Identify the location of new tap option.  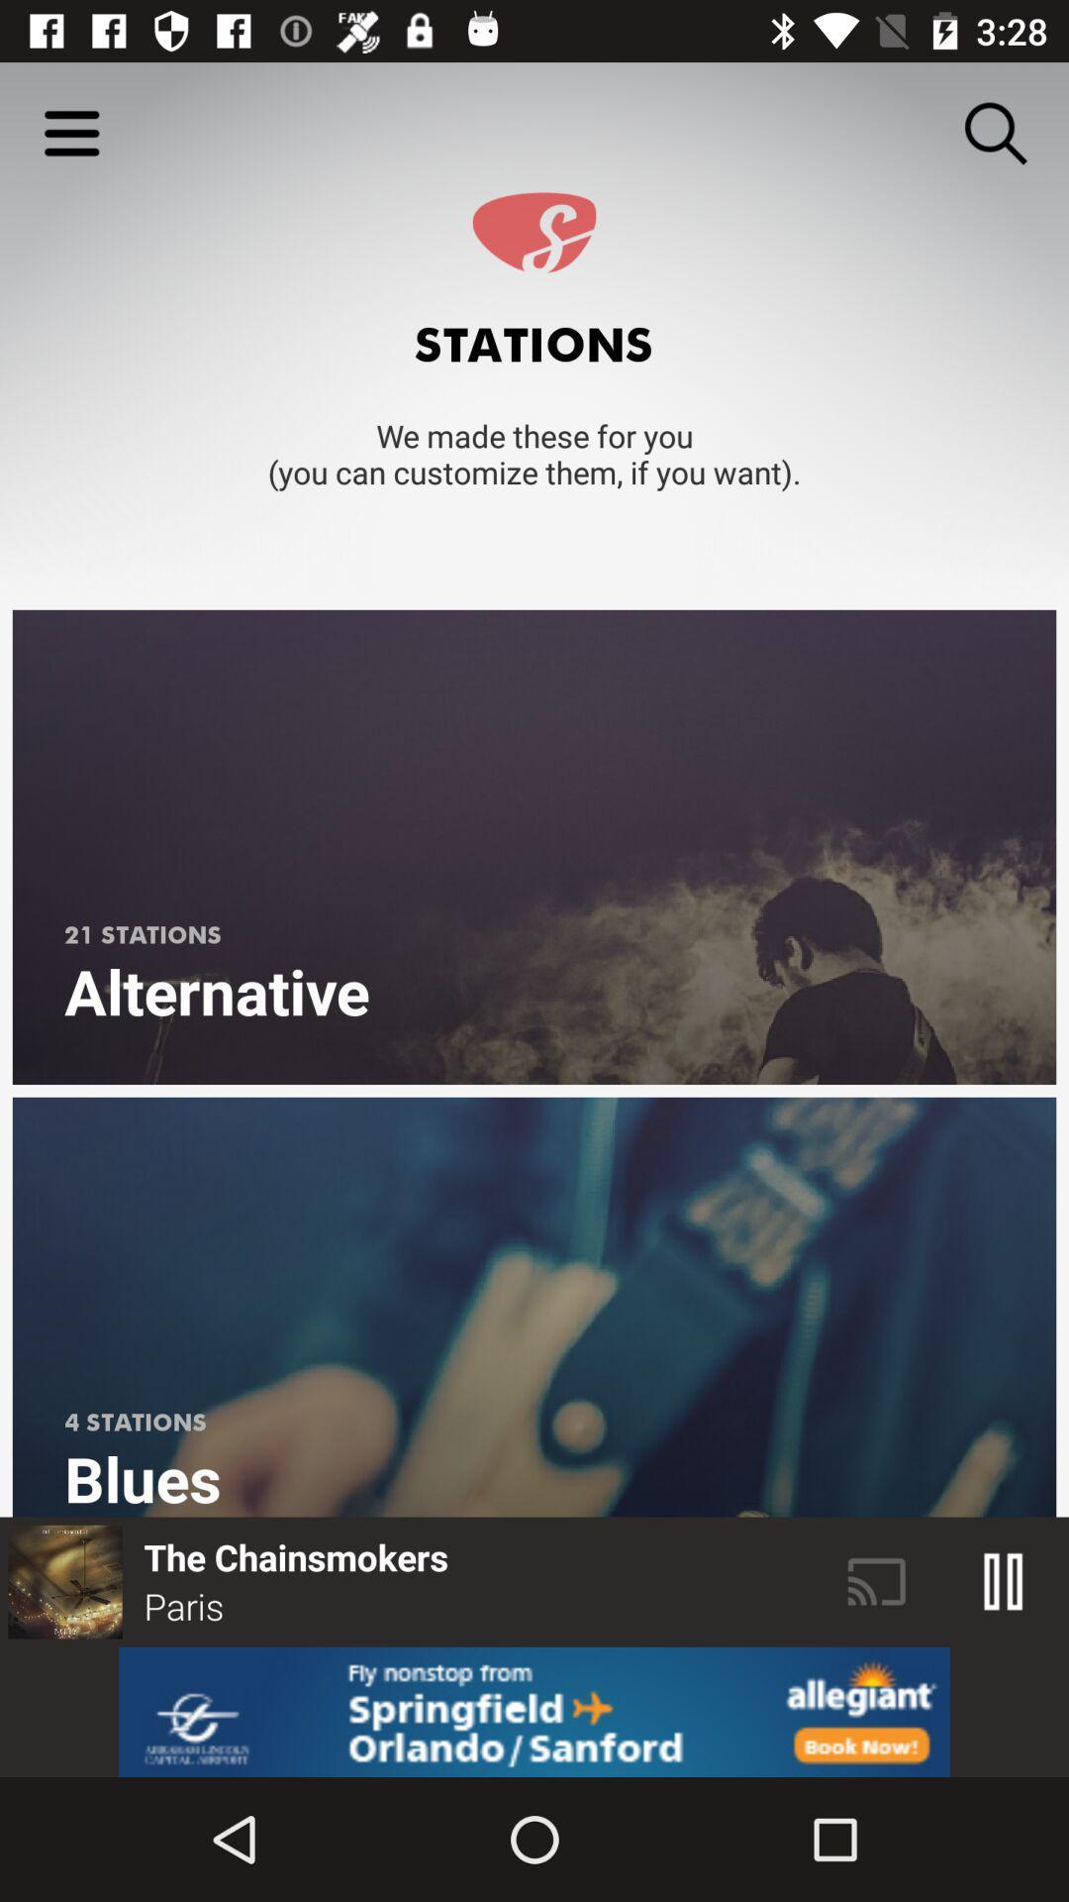
(534, 1711).